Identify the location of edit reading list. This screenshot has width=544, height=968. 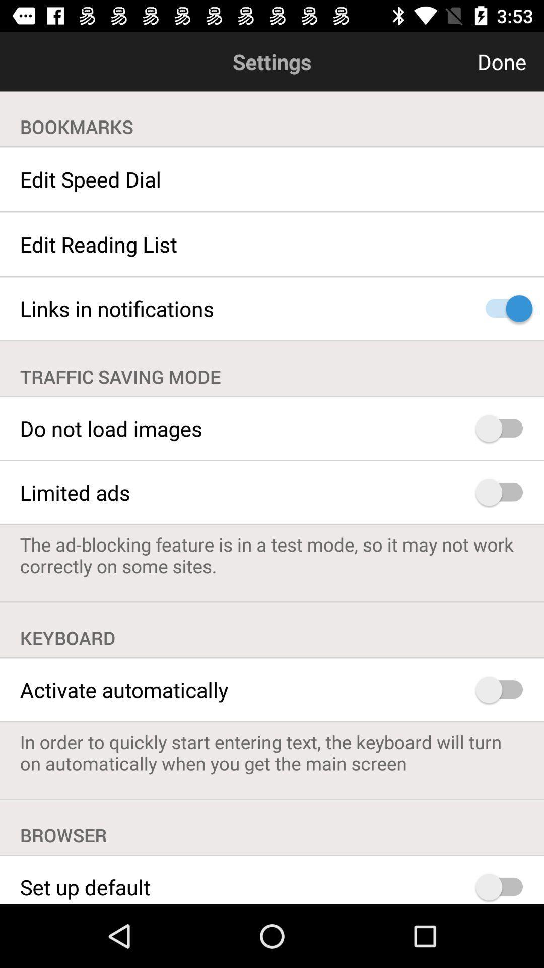
(272, 244).